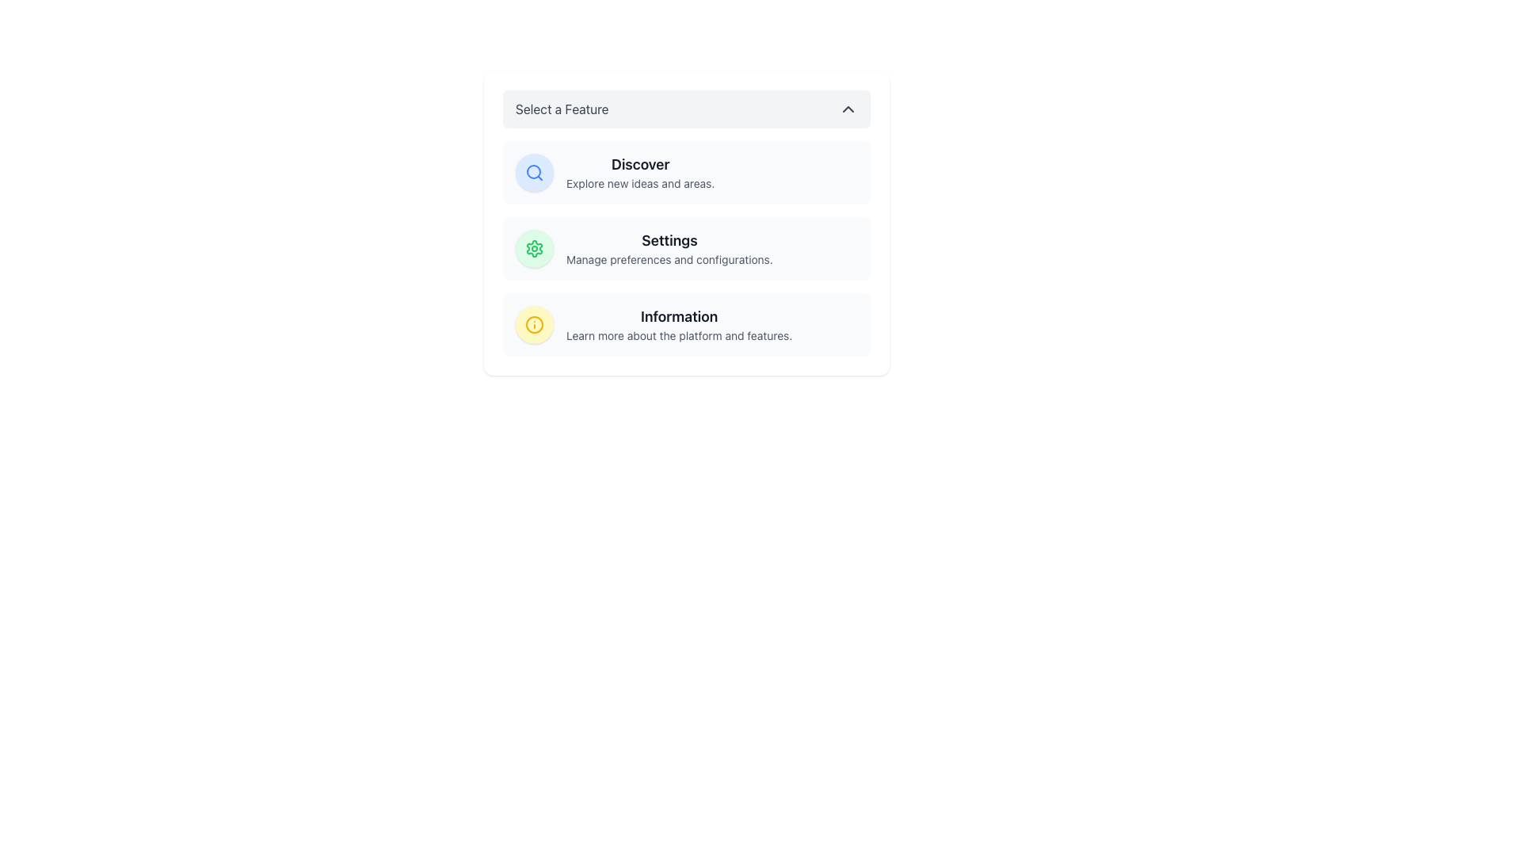 The height and width of the screenshot is (856, 1521). Describe the element at coordinates (640, 173) in the screenshot. I see `the 'Discover' menu option, which is a static text block with a header and subtext arrangement, located to the right of the magnifying glass icon in the vertical list of menu options` at that location.